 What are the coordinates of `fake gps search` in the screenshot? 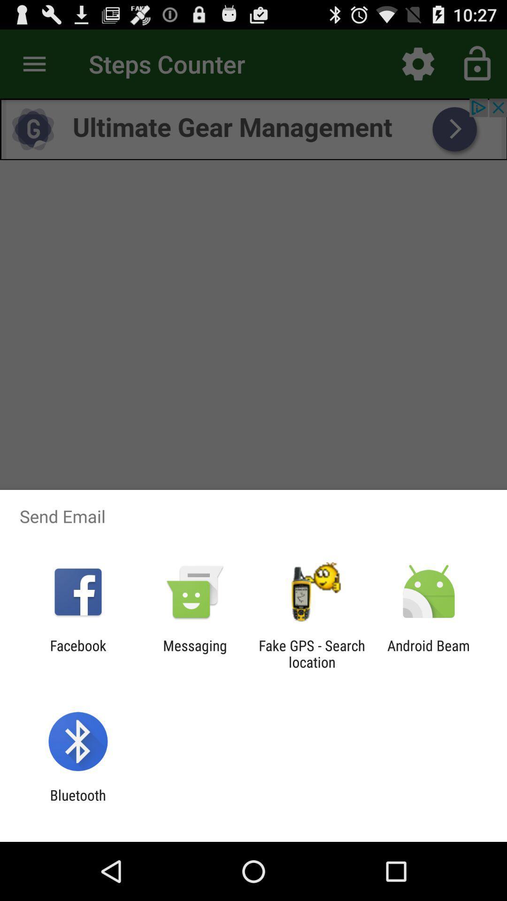 It's located at (312, 653).